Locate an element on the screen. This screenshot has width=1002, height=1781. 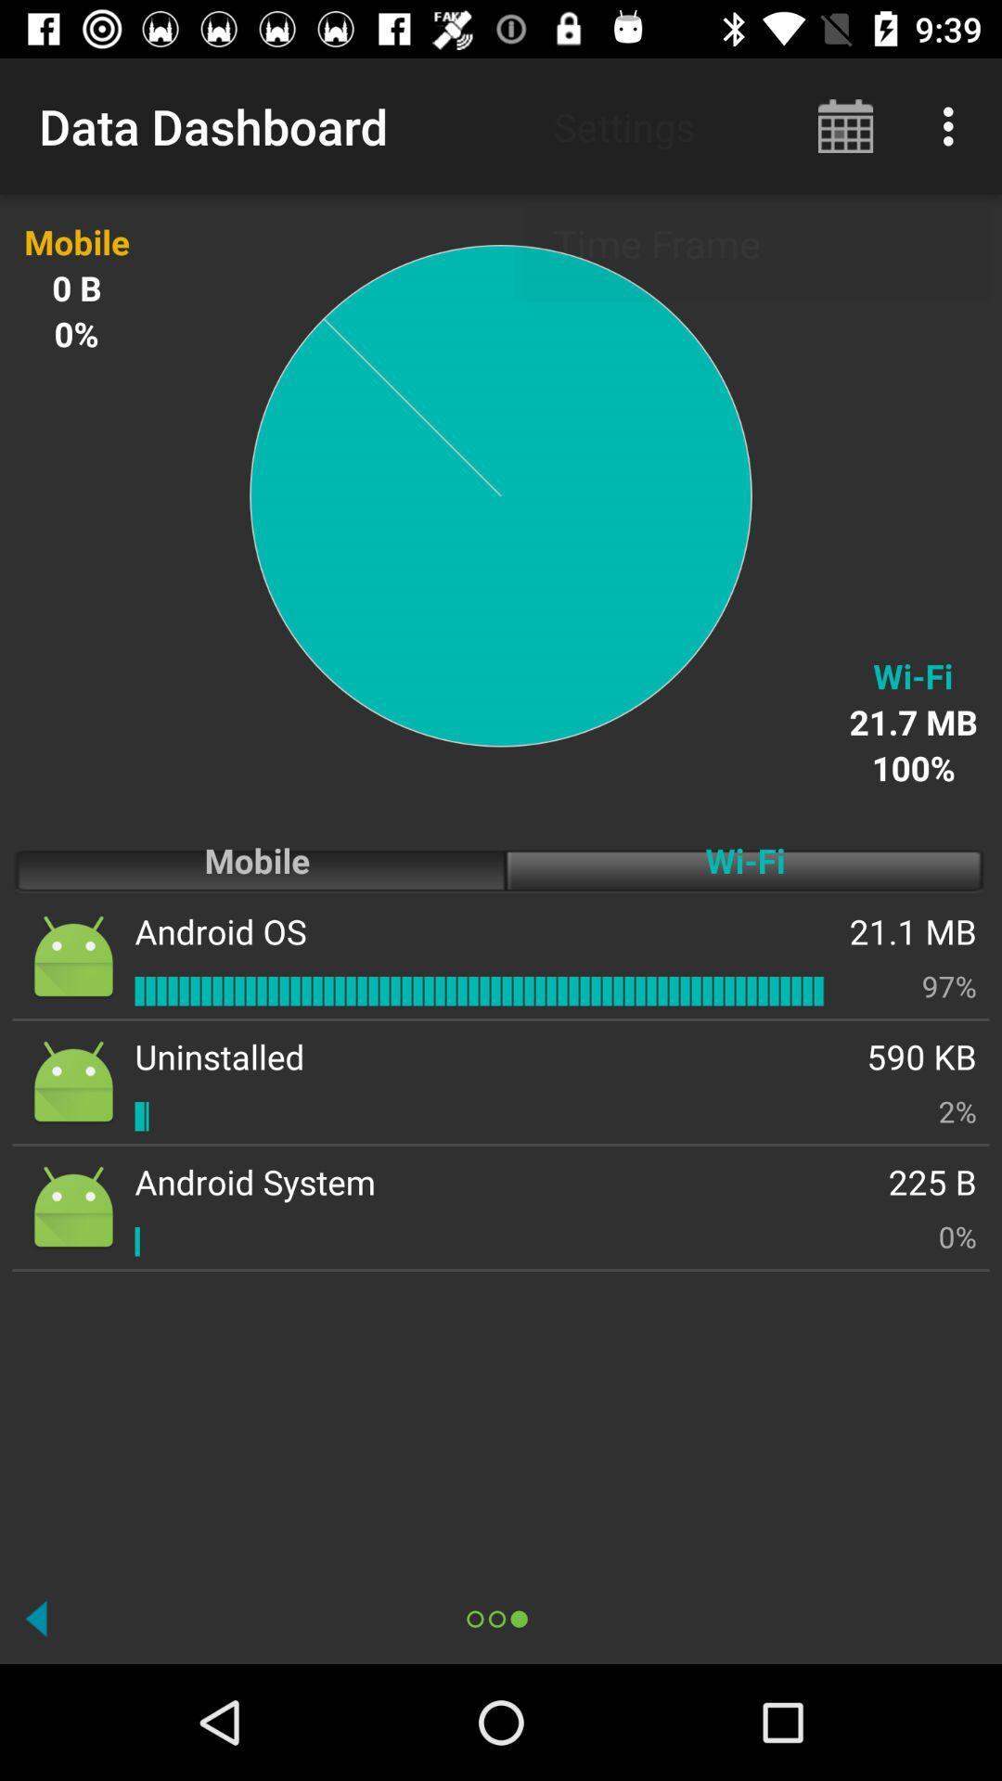
icon below the mobile is located at coordinates (220, 931).